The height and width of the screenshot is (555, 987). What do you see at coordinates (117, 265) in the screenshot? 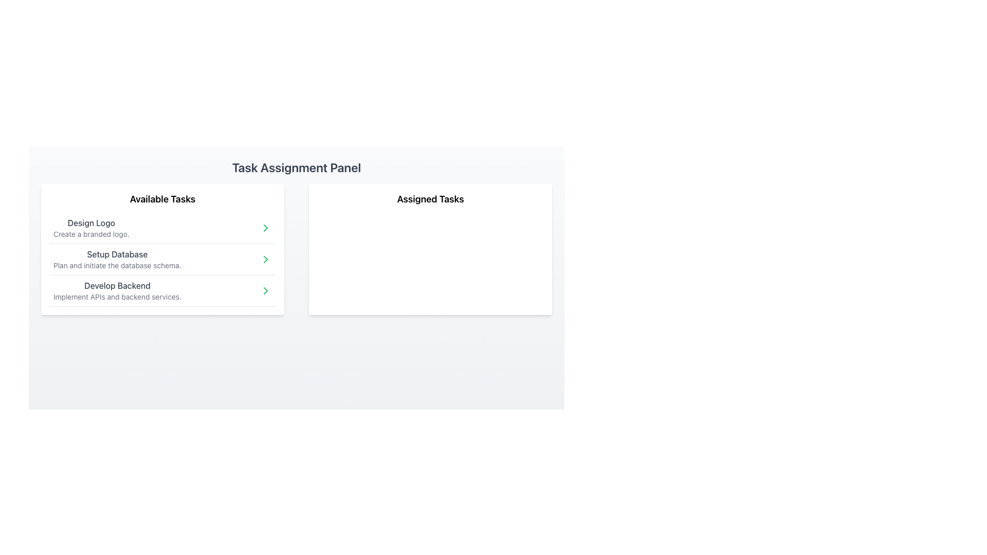
I see `descriptive text of the label located in the middle of the left panel 'Available Tasks' under the 'Setup Database' entry, which provides additional details about the task 'Setup Database.'` at bounding box center [117, 265].